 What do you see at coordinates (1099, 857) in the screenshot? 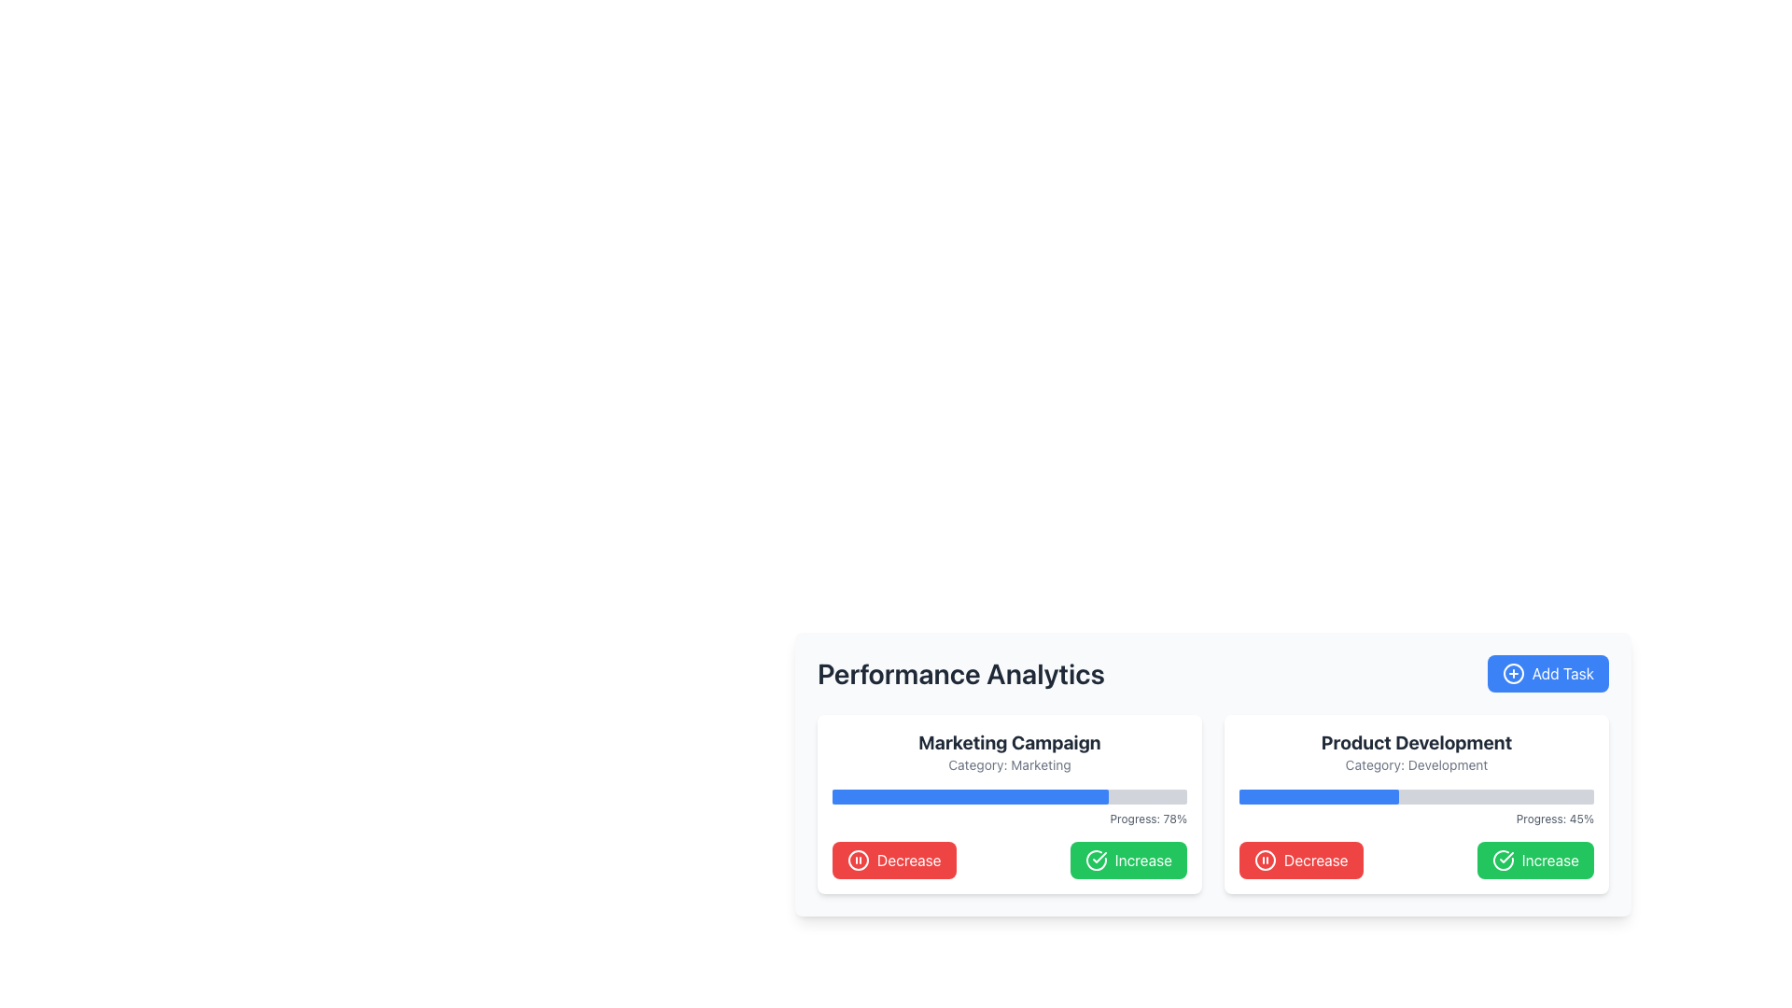
I see `the green badge-like checkmark icon inside the 'Increase' button under the 'Marketing Campaign' section` at bounding box center [1099, 857].